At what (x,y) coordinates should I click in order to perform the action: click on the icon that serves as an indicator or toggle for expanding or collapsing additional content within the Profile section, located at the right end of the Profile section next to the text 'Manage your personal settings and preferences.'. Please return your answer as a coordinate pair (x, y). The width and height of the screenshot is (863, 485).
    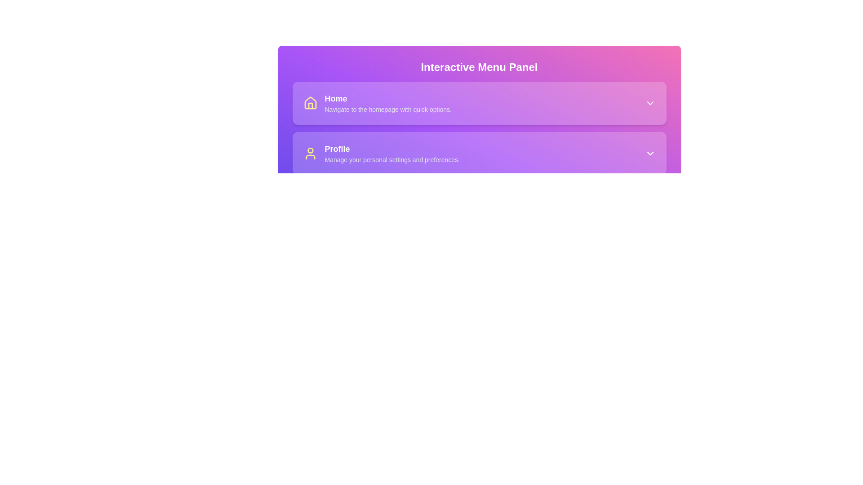
    Looking at the image, I should click on (650, 153).